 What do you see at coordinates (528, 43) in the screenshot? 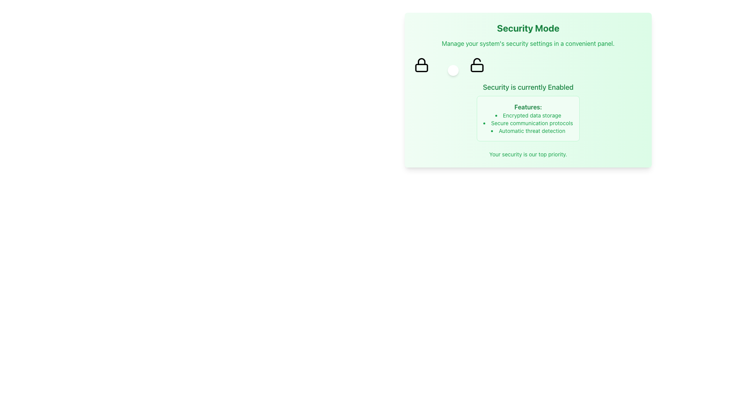
I see `the green-colored text displaying 'Manage your system's security settings in a convenient panel.' which is located below the header 'Security Mode'` at bounding box center [528, 43].